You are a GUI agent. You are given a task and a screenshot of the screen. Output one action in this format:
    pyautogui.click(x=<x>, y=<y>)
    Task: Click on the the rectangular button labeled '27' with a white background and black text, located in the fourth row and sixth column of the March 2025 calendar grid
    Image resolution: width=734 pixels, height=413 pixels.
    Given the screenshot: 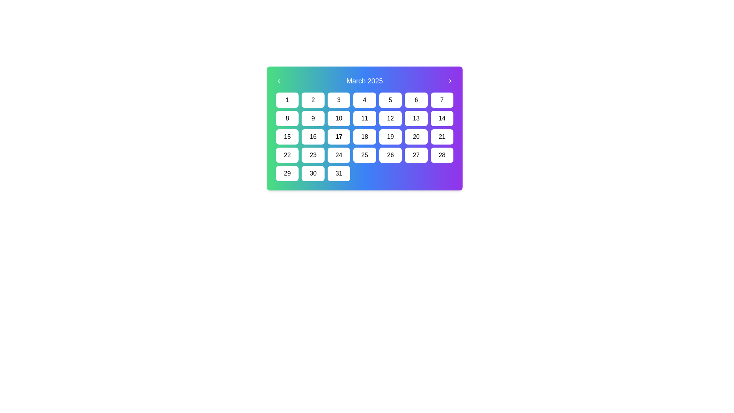 What is the action you would take?
    pyautogui.click(x=416, y=155)
    